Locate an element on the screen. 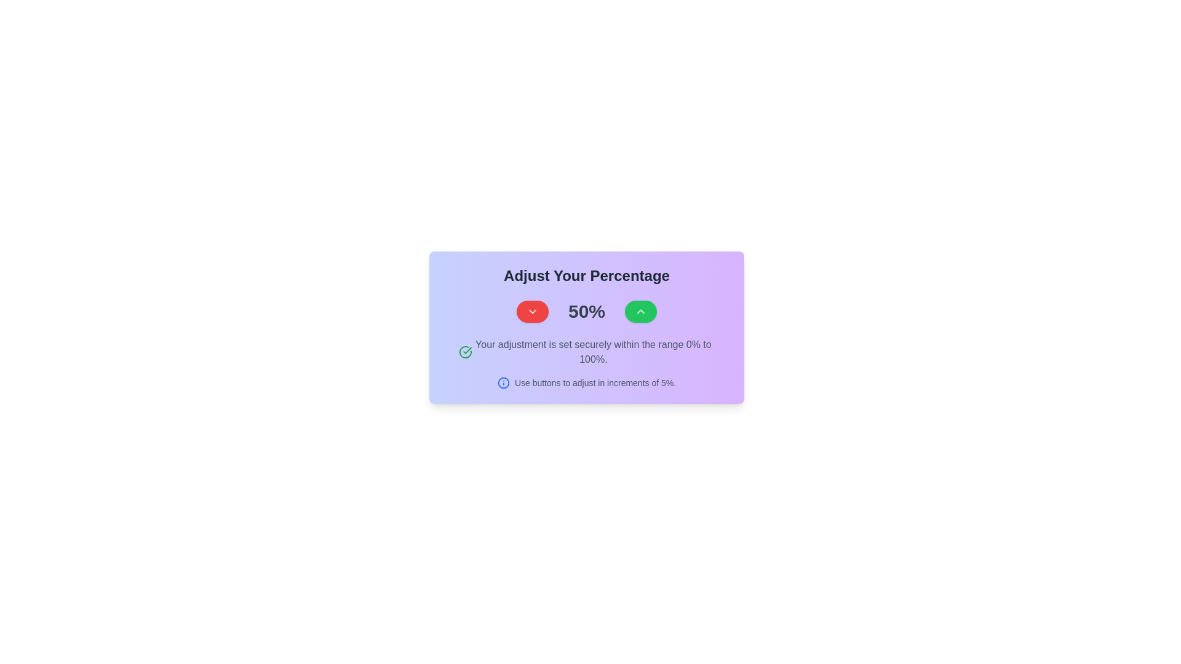 The image size is (1181, 664). the static text that reads 'Use buttons to adjust in increments of 5%', which is styled in gray and located in the bottom section of the card, to the right of an information icon is located at coordinates (595, 382).